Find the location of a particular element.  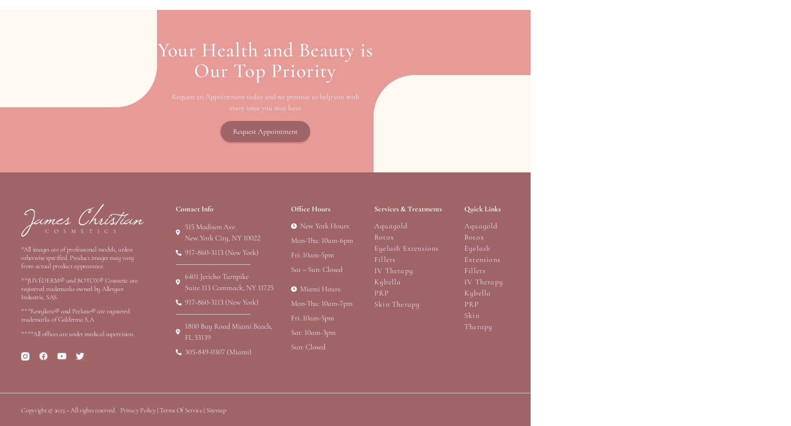

'Copyright © 2023 – All rights reserved.' is located at coordinates (68, 409).